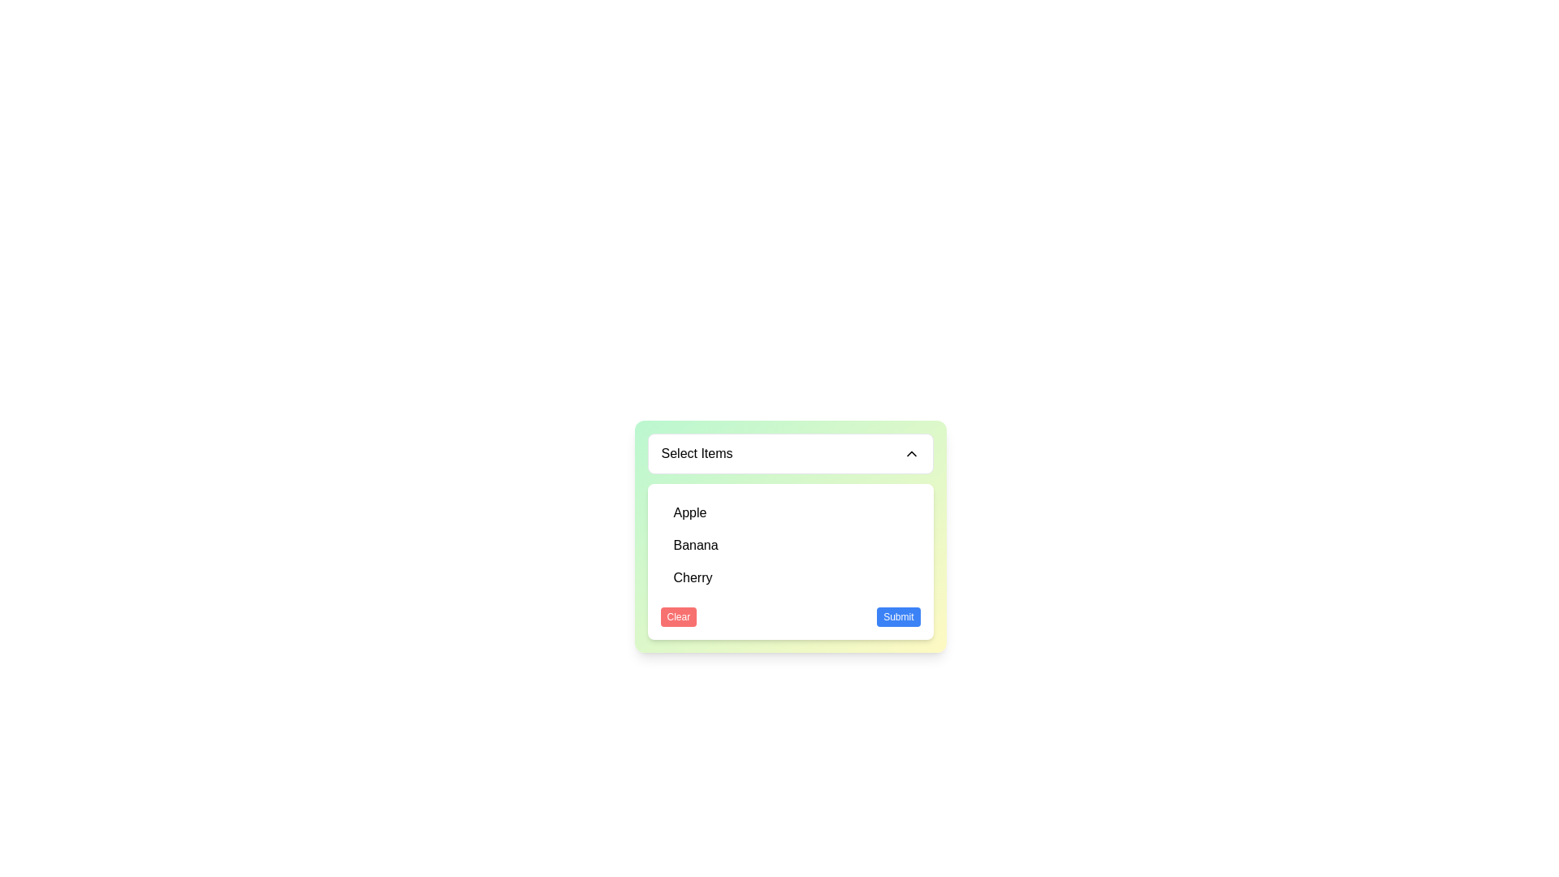  I want to click on the leftmost button at the bottom of the bordered box, so click(678, 616).